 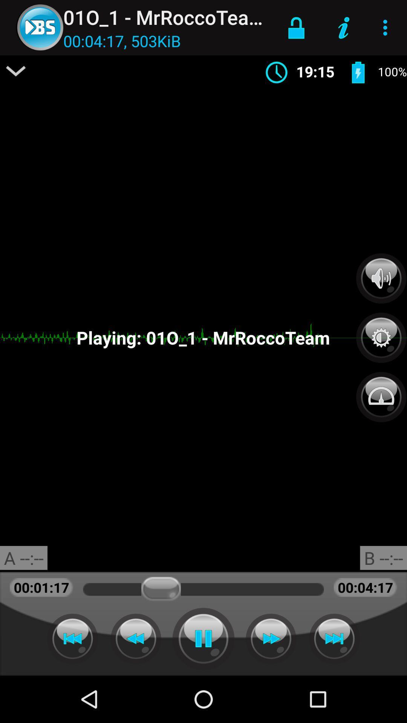 I want to click on skip to next file, so click(x=334, y=638).